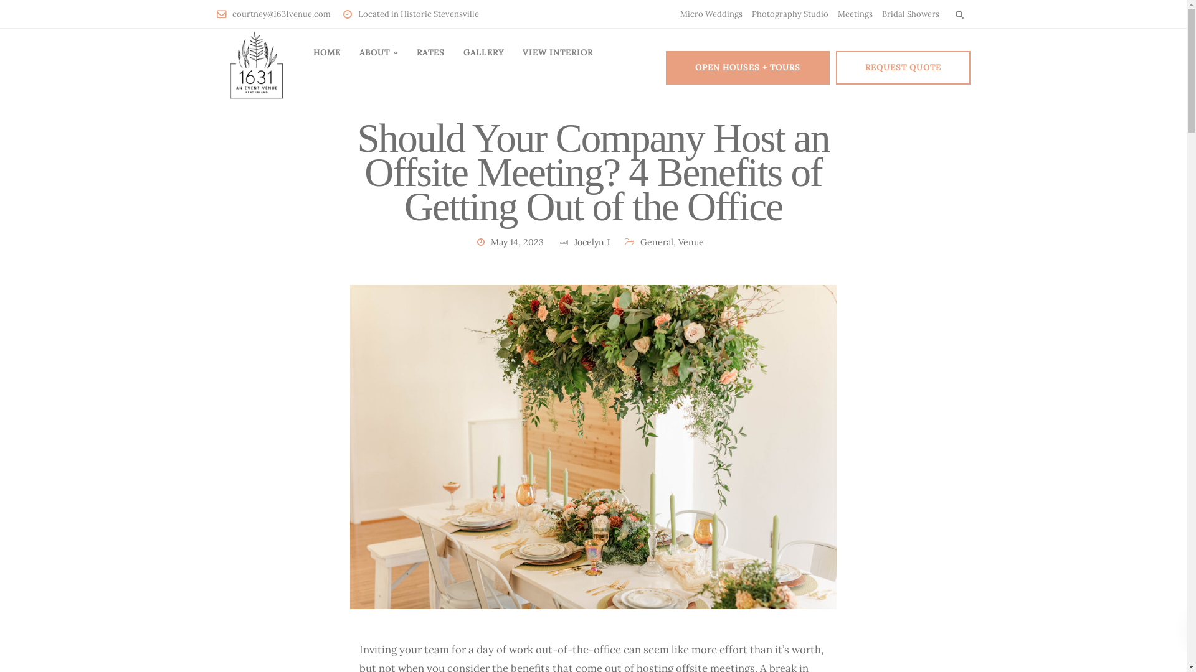 This screenshot has height=672, width=1196. I want to click on 'Rates', so click(416, 295).